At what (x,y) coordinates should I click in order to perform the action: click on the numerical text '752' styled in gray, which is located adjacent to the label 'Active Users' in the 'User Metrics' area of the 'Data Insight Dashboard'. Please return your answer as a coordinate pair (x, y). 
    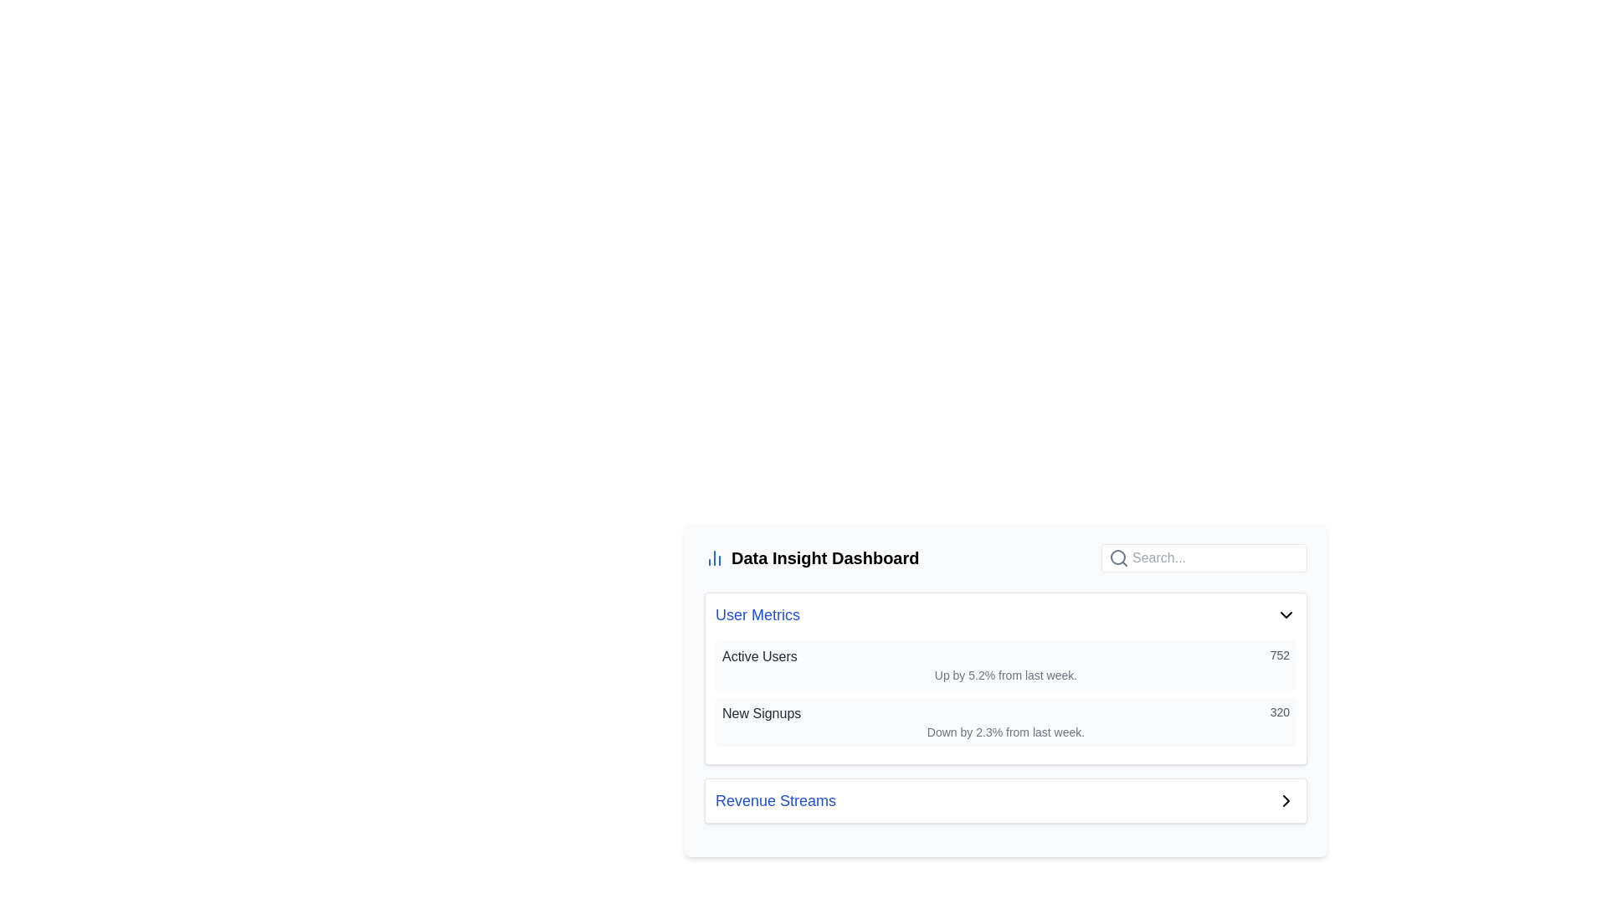
    Looking at the image, I should click on (1279, 656).